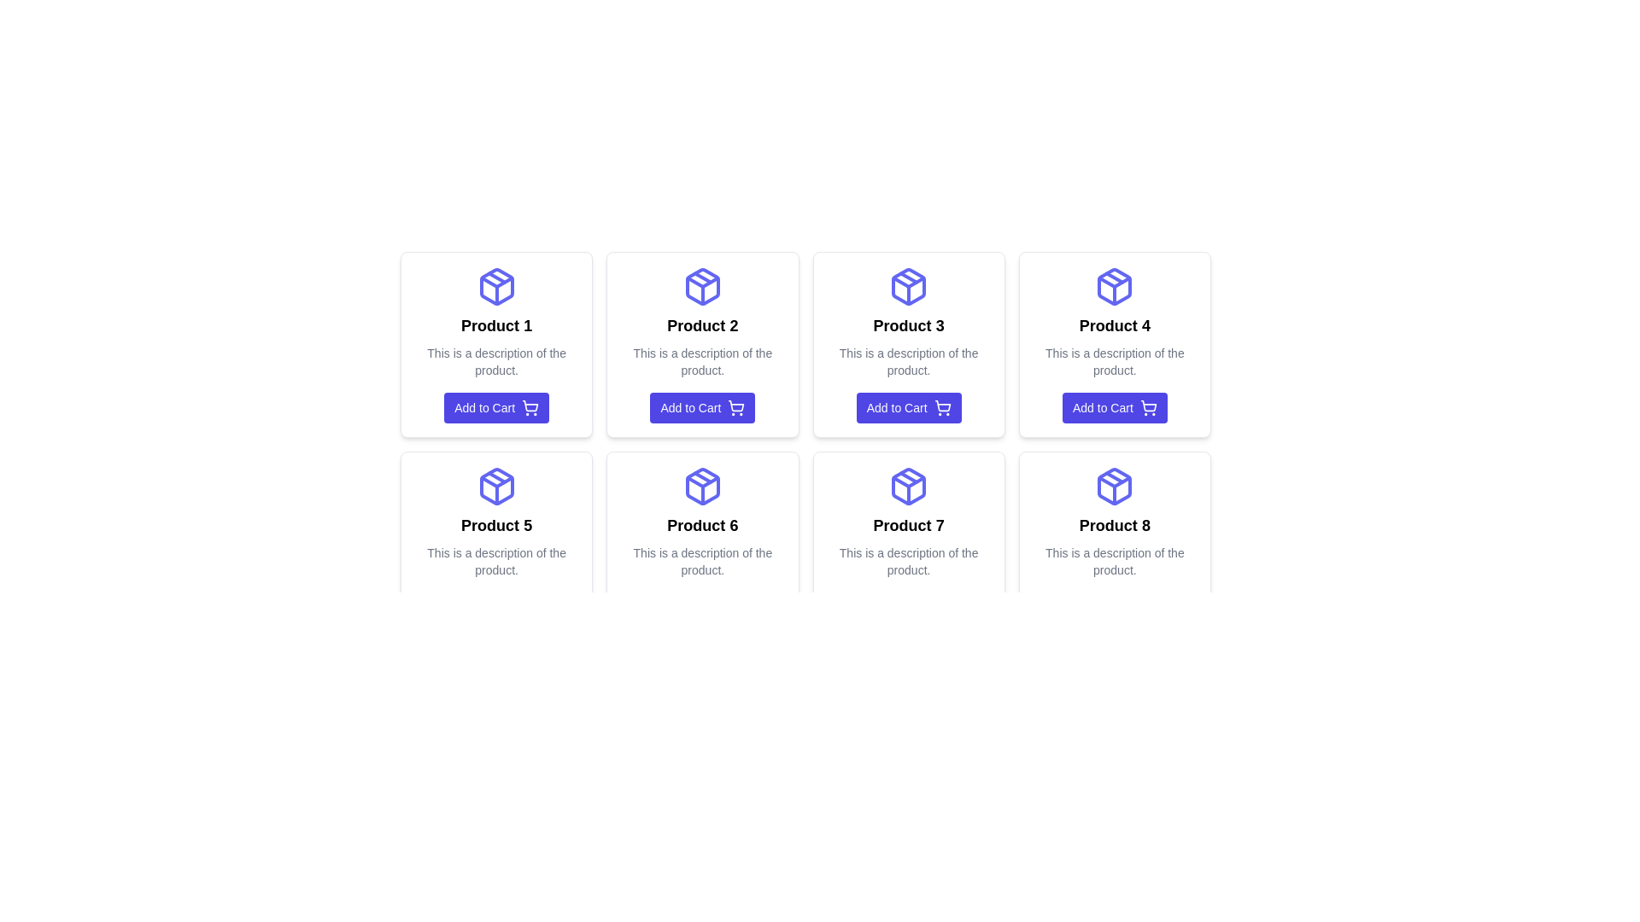 The height and width of the screenshot is (922, 1640). I want to click on the button located at the bottom of the 'Product 3' card, so click(908, 408).